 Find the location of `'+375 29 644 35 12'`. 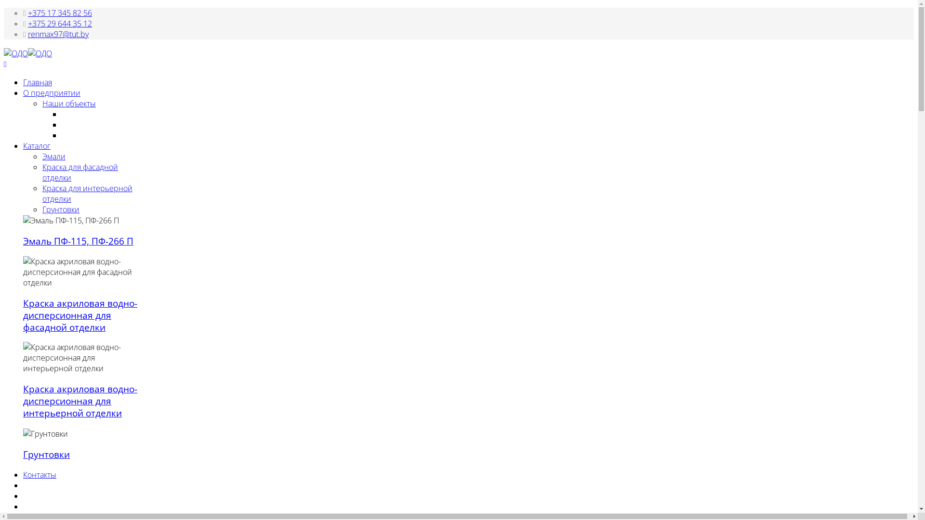

'+375 29 644 35 12' is located at coordinates (59, 23).